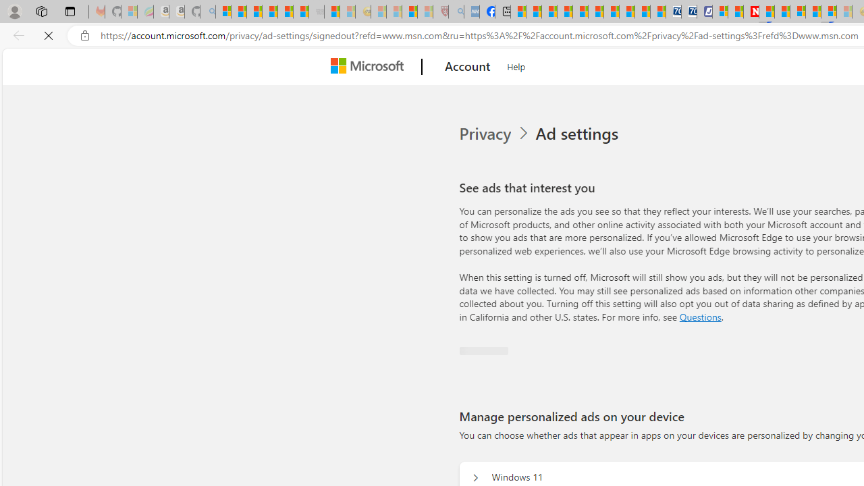 The height and width of the screenshot is (486, 864). What do you see at coordinates (285, 11) in the screenshot?
I see `'New Report Confirms 2023 Was Record Hot | Watch'` at bounding box center [285, 11].